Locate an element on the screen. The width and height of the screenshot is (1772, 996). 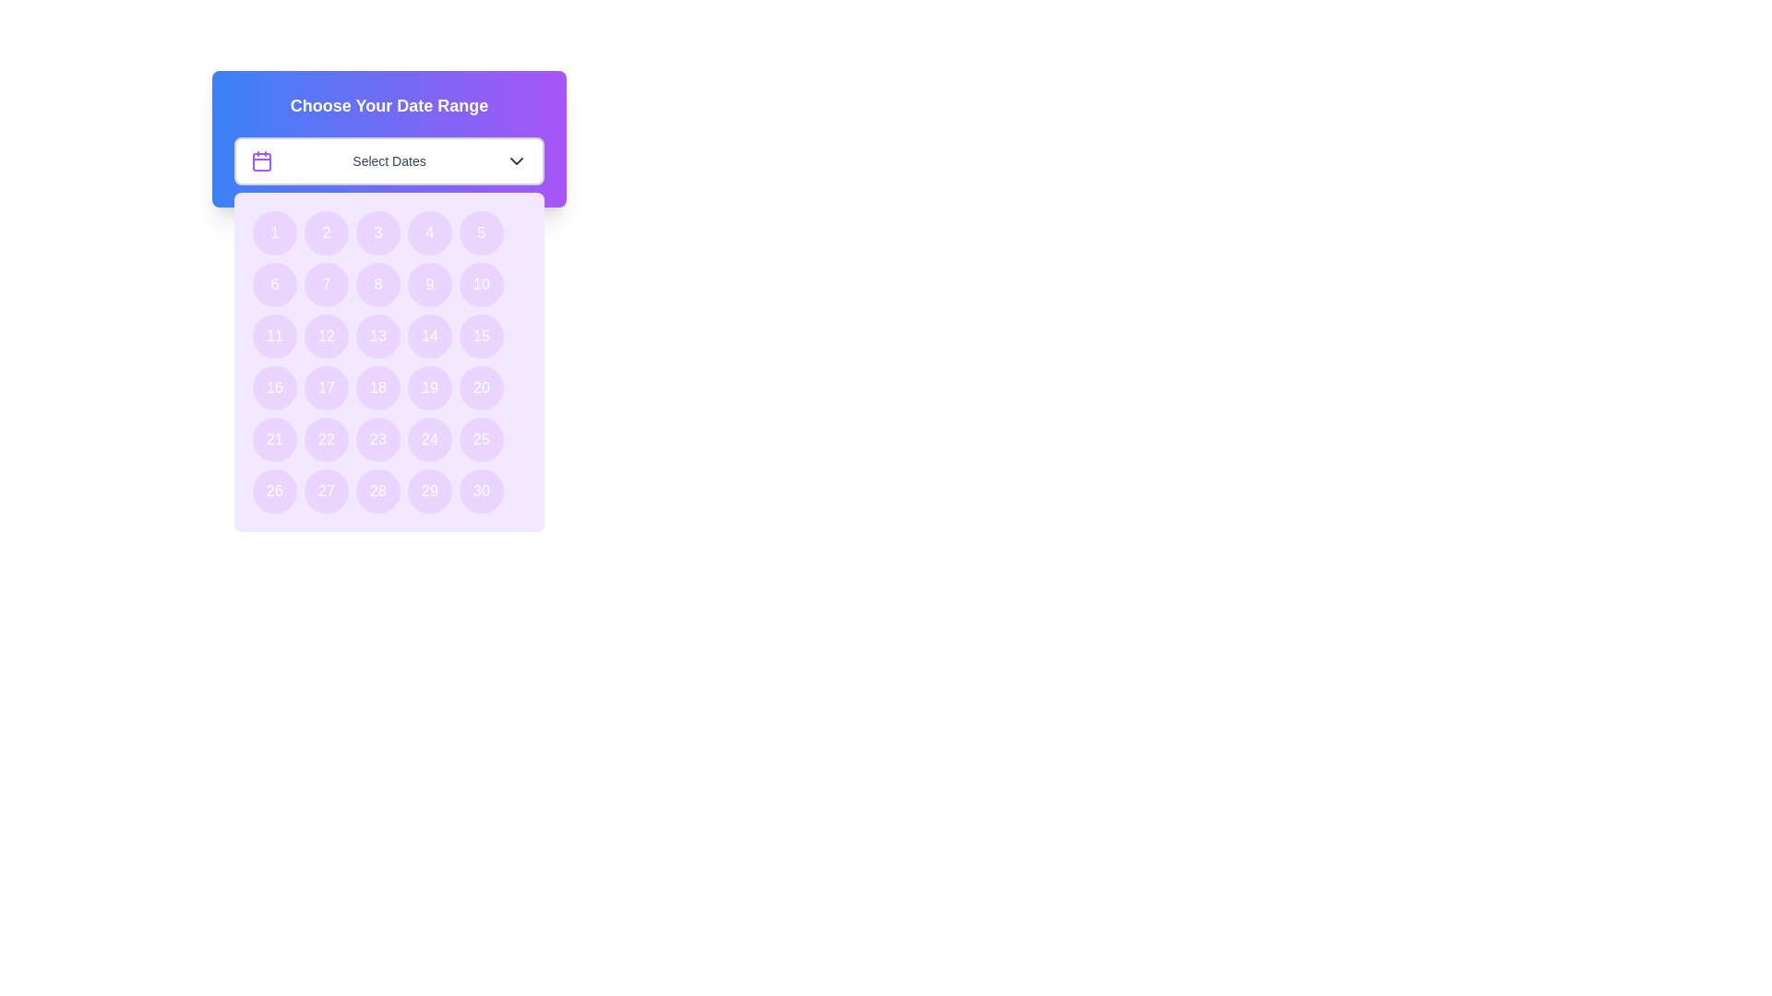
the date selection button labeled '13' in the date picker interface, located in the third column of the third row is located at coordinates (377, 337).